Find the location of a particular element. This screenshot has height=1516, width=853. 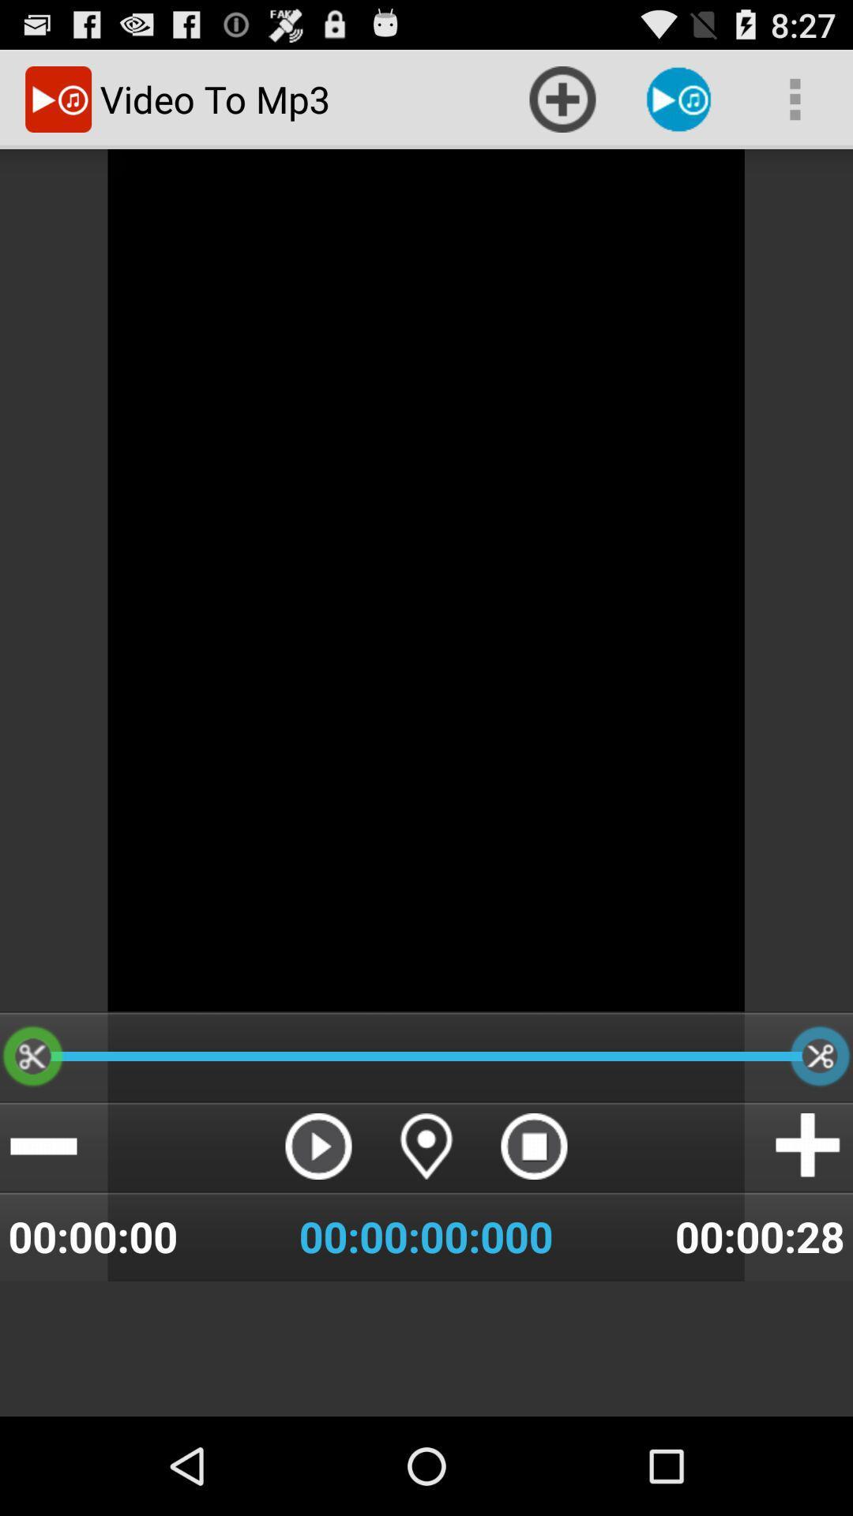

the play icon is located at coordinates (318, 1226).